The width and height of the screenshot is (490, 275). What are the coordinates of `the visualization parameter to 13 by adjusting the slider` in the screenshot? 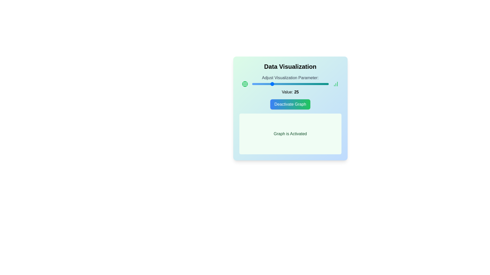 It's located at (262, 84).